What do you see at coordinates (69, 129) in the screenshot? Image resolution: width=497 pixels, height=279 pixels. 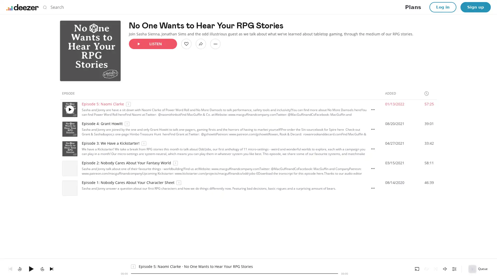 I see `Play Episode 4: Grant Howitt by No One Wants to Hear Your RPG Stories` at bounding box center [69, 129].